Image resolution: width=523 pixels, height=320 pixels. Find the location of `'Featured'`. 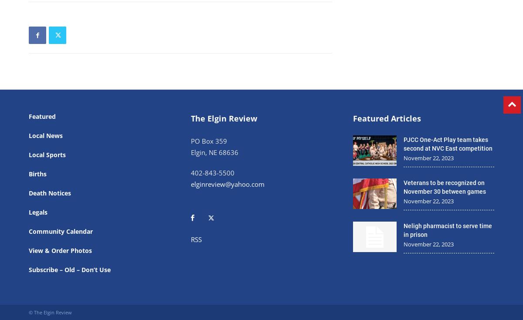

'Featured' is located at coordinates (42, 116).